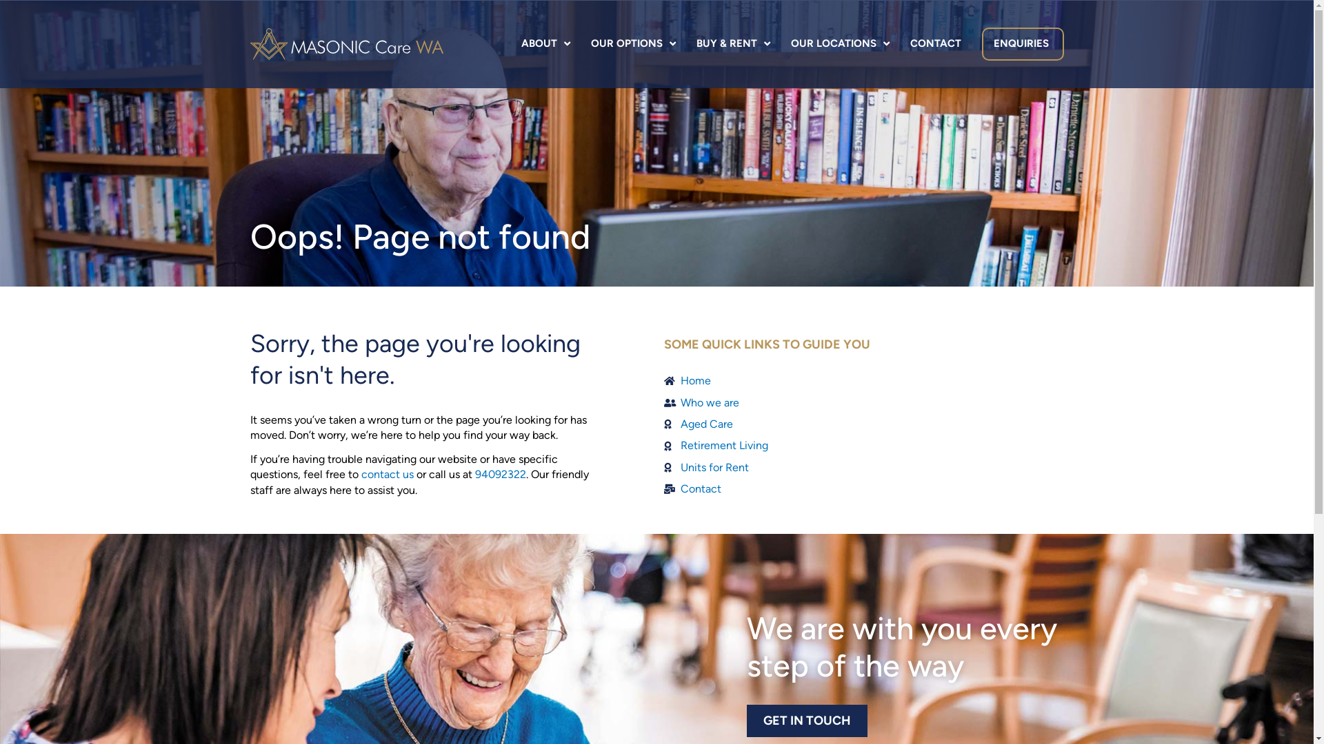  What do you see at coordinates (516, 43) in the screenshot?
I see `'ABOUT'` at bounding box center [516, 43].